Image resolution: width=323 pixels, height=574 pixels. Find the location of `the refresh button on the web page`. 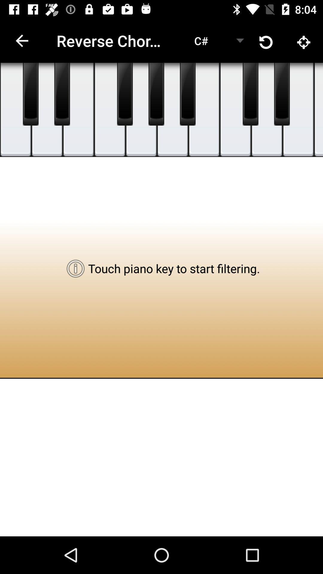

the refresh button on the web page is located at coordinates (266, 41).